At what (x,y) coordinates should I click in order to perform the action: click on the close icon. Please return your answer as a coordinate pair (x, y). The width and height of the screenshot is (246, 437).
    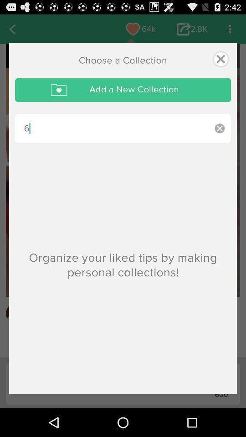
    Looking at the image, I should click on (219, 132).